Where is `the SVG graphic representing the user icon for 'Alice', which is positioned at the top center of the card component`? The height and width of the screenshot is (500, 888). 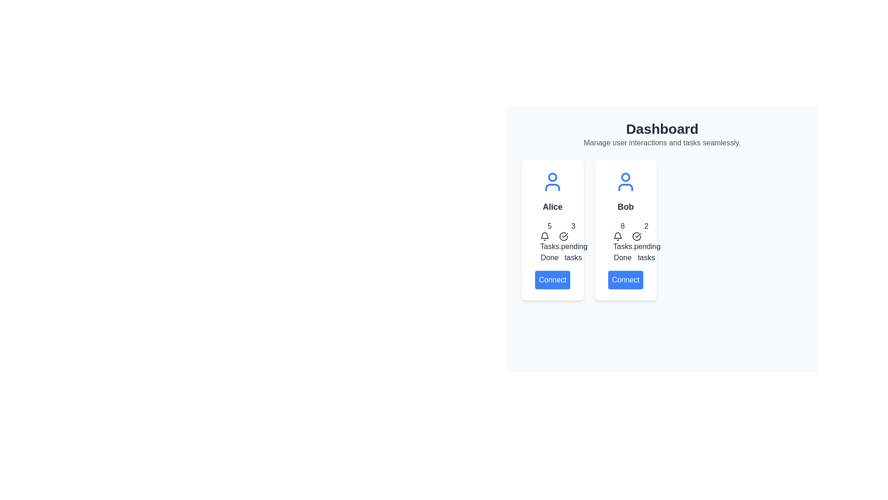 the SVG graphic representing the user icon for 'Alice', which is positioned at the top center of the card component is located at coordinates (553, 182).